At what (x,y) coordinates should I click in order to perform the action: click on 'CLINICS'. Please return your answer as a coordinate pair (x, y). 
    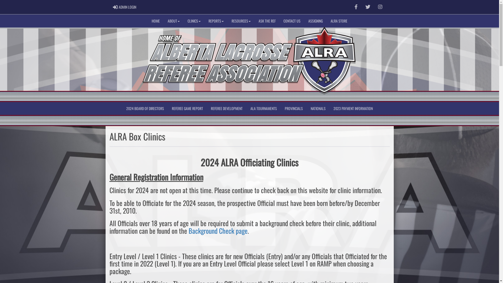
    Looking at the image, I should click on (194, 21).